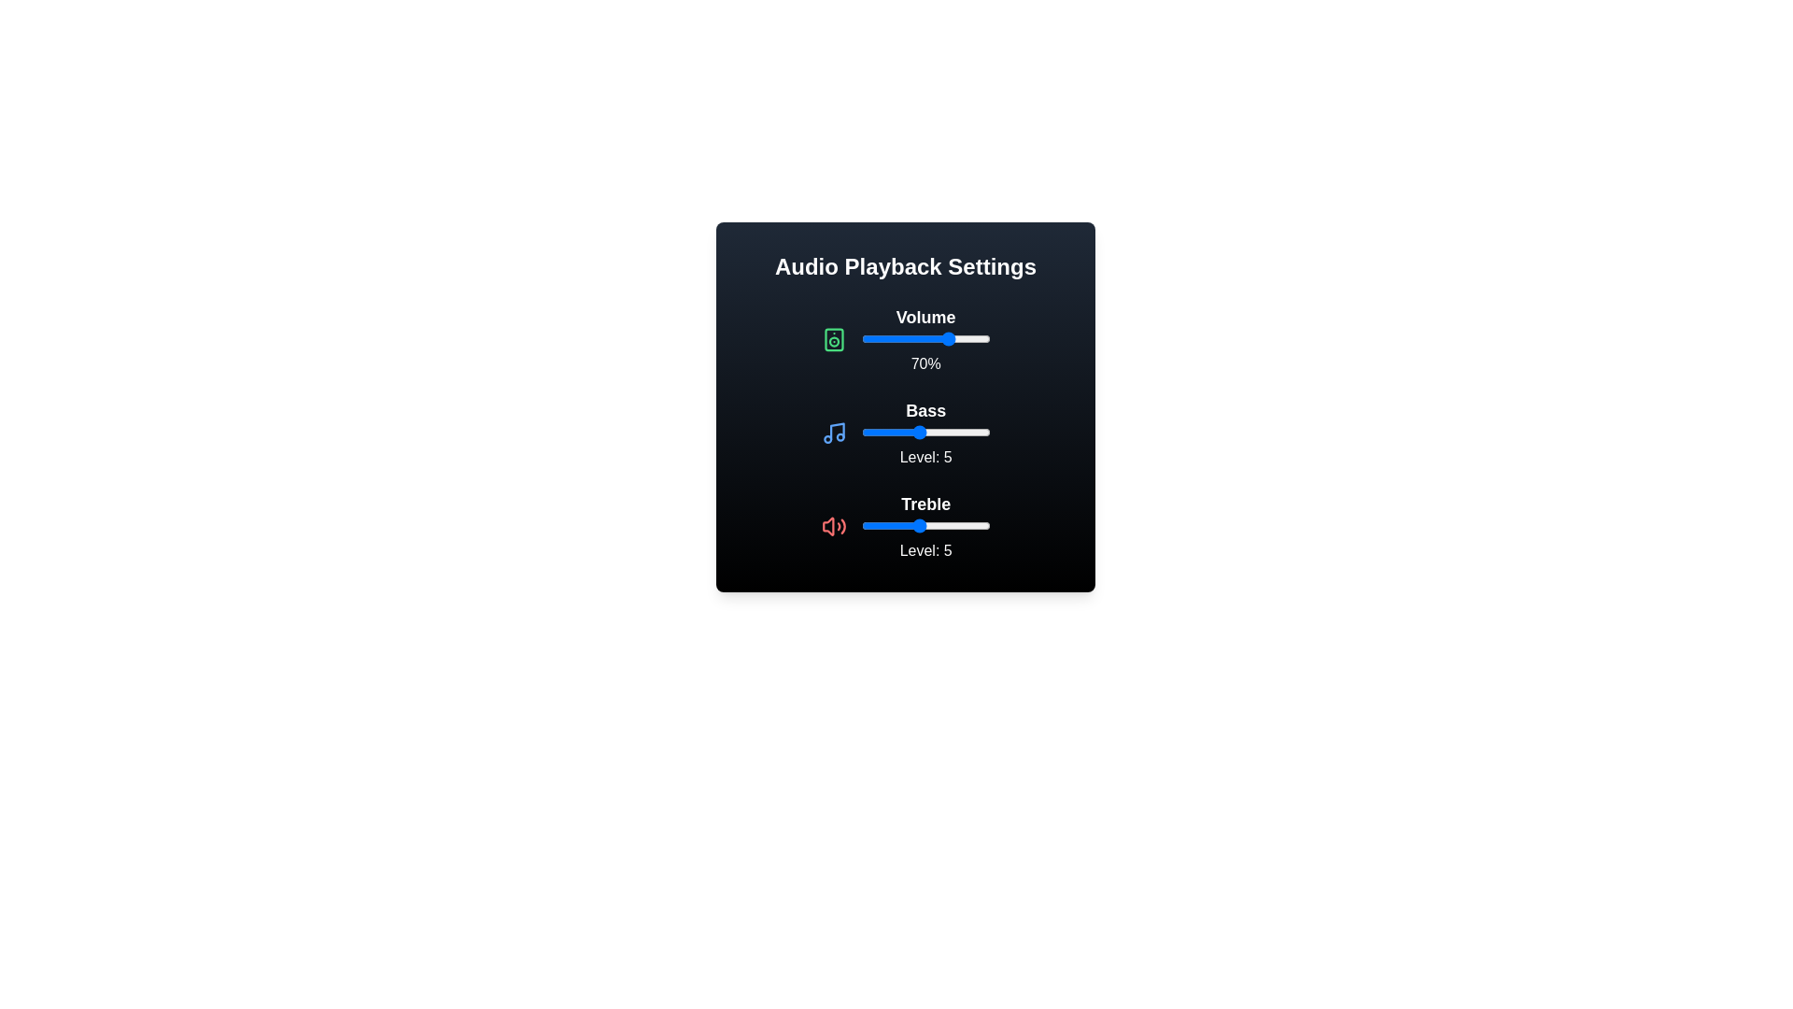 The image size is (1793, 1009). What do you see at coordinates (842, 526) in the screenshot?
I see `the curved line forming part of the sound wave icon, which has a red stroke color and is located in the lower right quadrant of the interface, near the 'Treble' slider component` at bounding box center [842, 526].